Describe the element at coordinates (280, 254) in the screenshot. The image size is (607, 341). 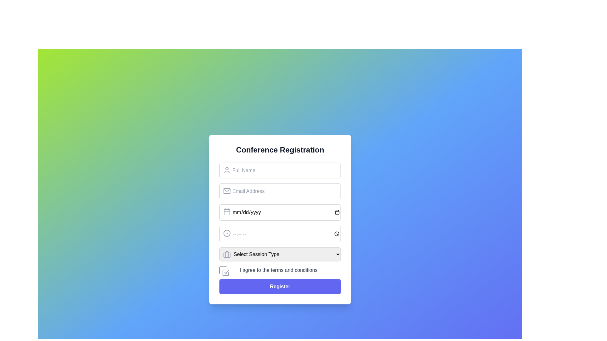
I see `an option from the expanded dropdown menu located in the 'Conference Registration' form, positioned below the time selection field and above the 'I agree to the terms and conditions' checkbox` at that location.